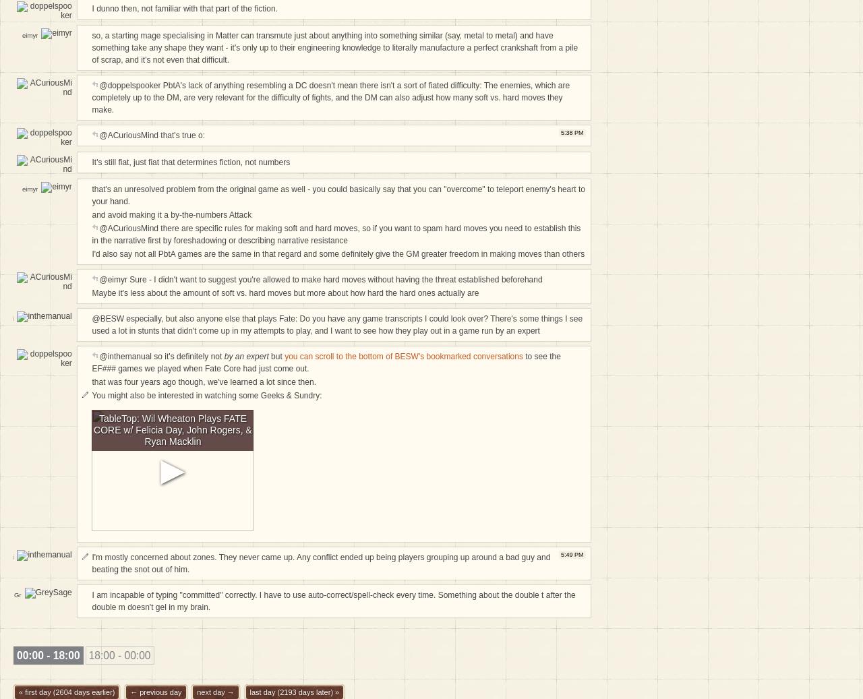 Image resolution: width=863 pixels, height=699 pixels. Describe the element at coordinates (334, 47) in the screenshot. I see `'so, a starting mage specialising in Matter can transmute just about anything into something similar (say, metal to metal) and have something take any shape they want - it's only up to their engineering knowledge to literally manufacture a perfect crankshaft from a pile of scrap, and it's not even that difficult.'` at that location.